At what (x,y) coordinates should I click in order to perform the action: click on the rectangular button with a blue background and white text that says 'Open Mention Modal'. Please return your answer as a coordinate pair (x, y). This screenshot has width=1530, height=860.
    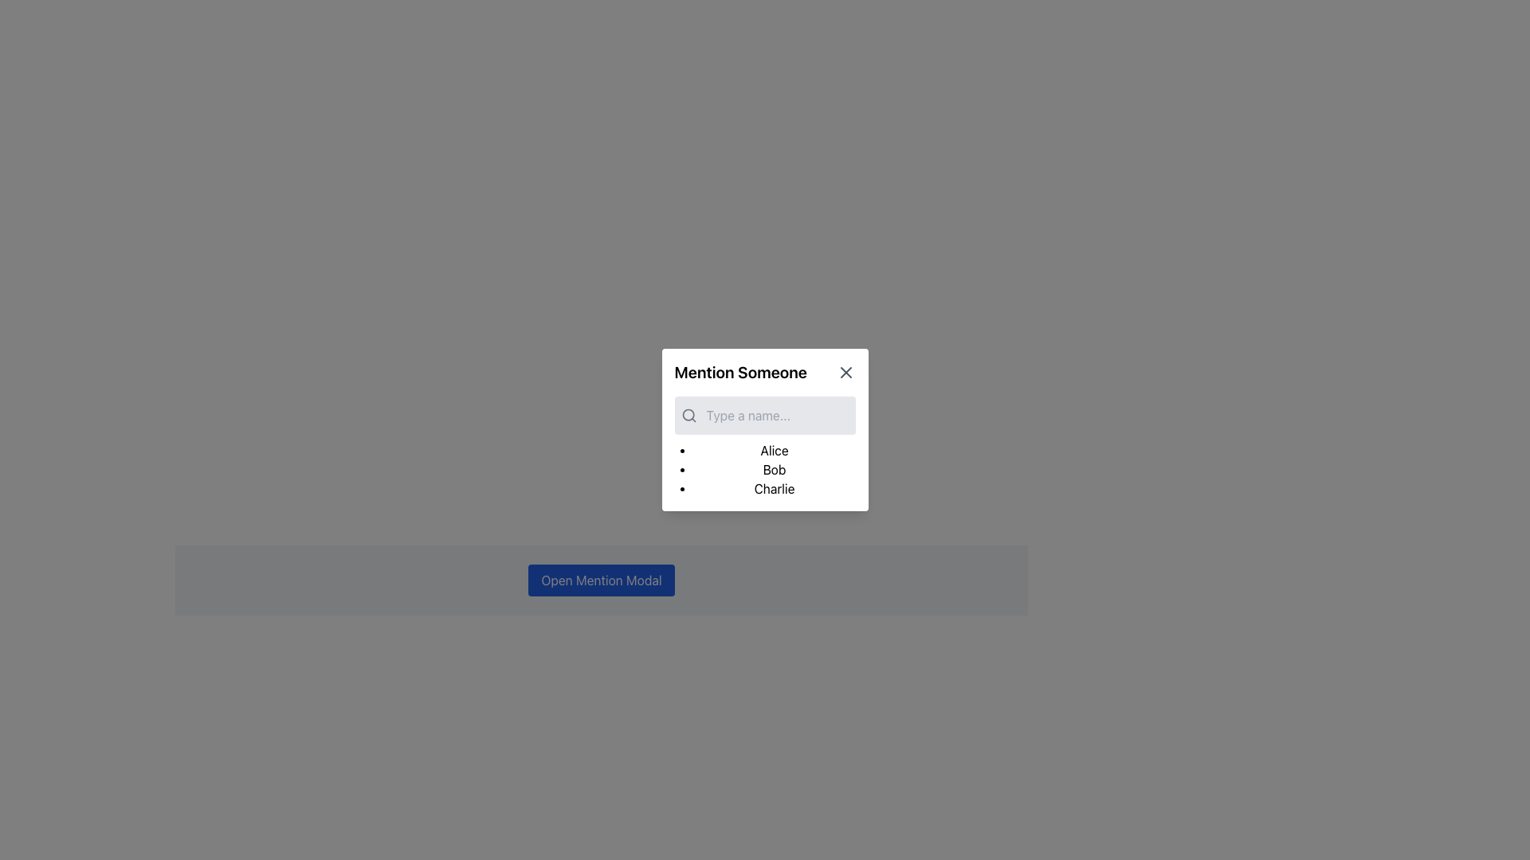
    Looking at the image, I should click on (600, 580).